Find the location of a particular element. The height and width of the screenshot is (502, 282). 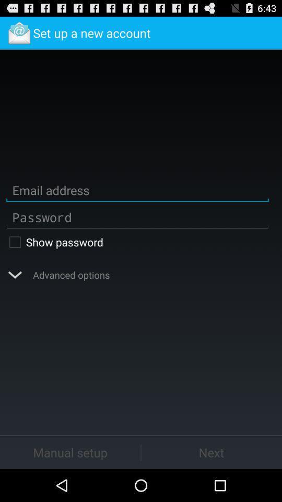

icon next to the next item is located at coordinates (70, 452).